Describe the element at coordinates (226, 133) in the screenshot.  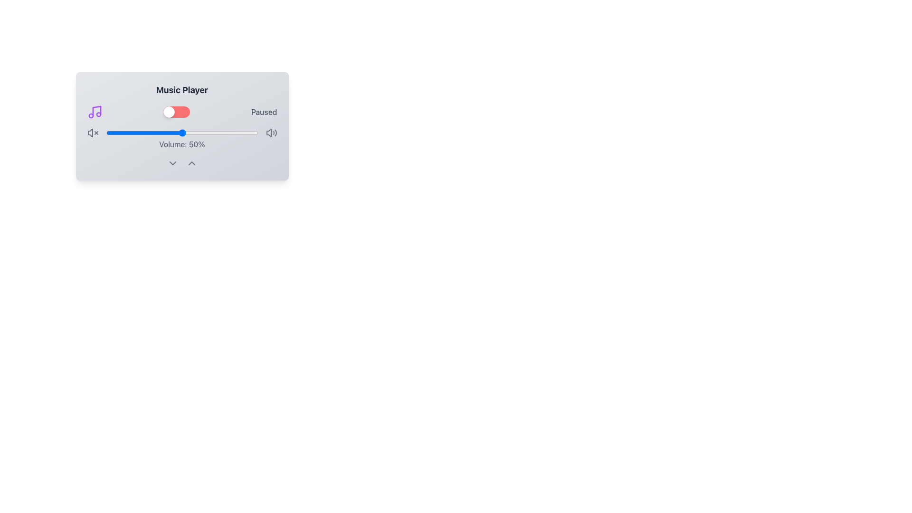
I see `volume` at that location.